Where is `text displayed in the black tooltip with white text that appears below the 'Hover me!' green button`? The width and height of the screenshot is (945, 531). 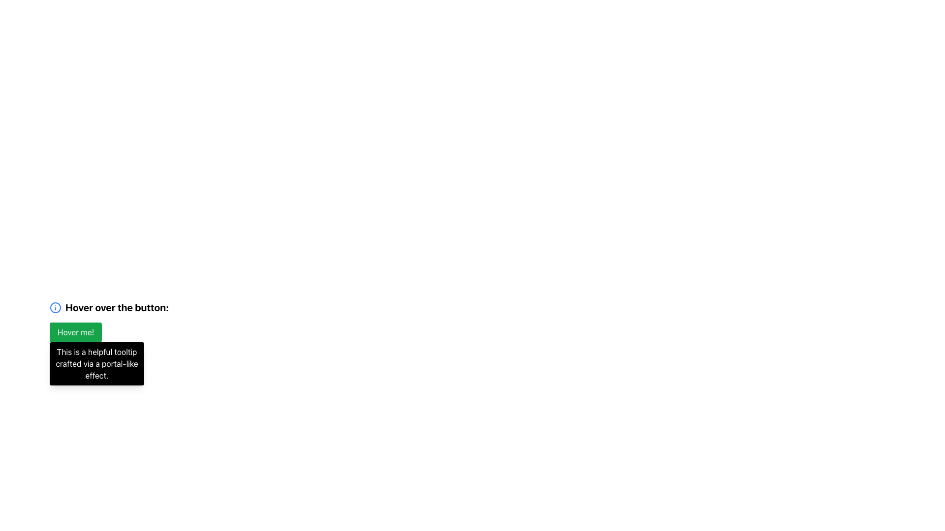
text displayed in the black tooltip with white text that appears below the 'Hover me!' green button is located at coordinates (96, 364).